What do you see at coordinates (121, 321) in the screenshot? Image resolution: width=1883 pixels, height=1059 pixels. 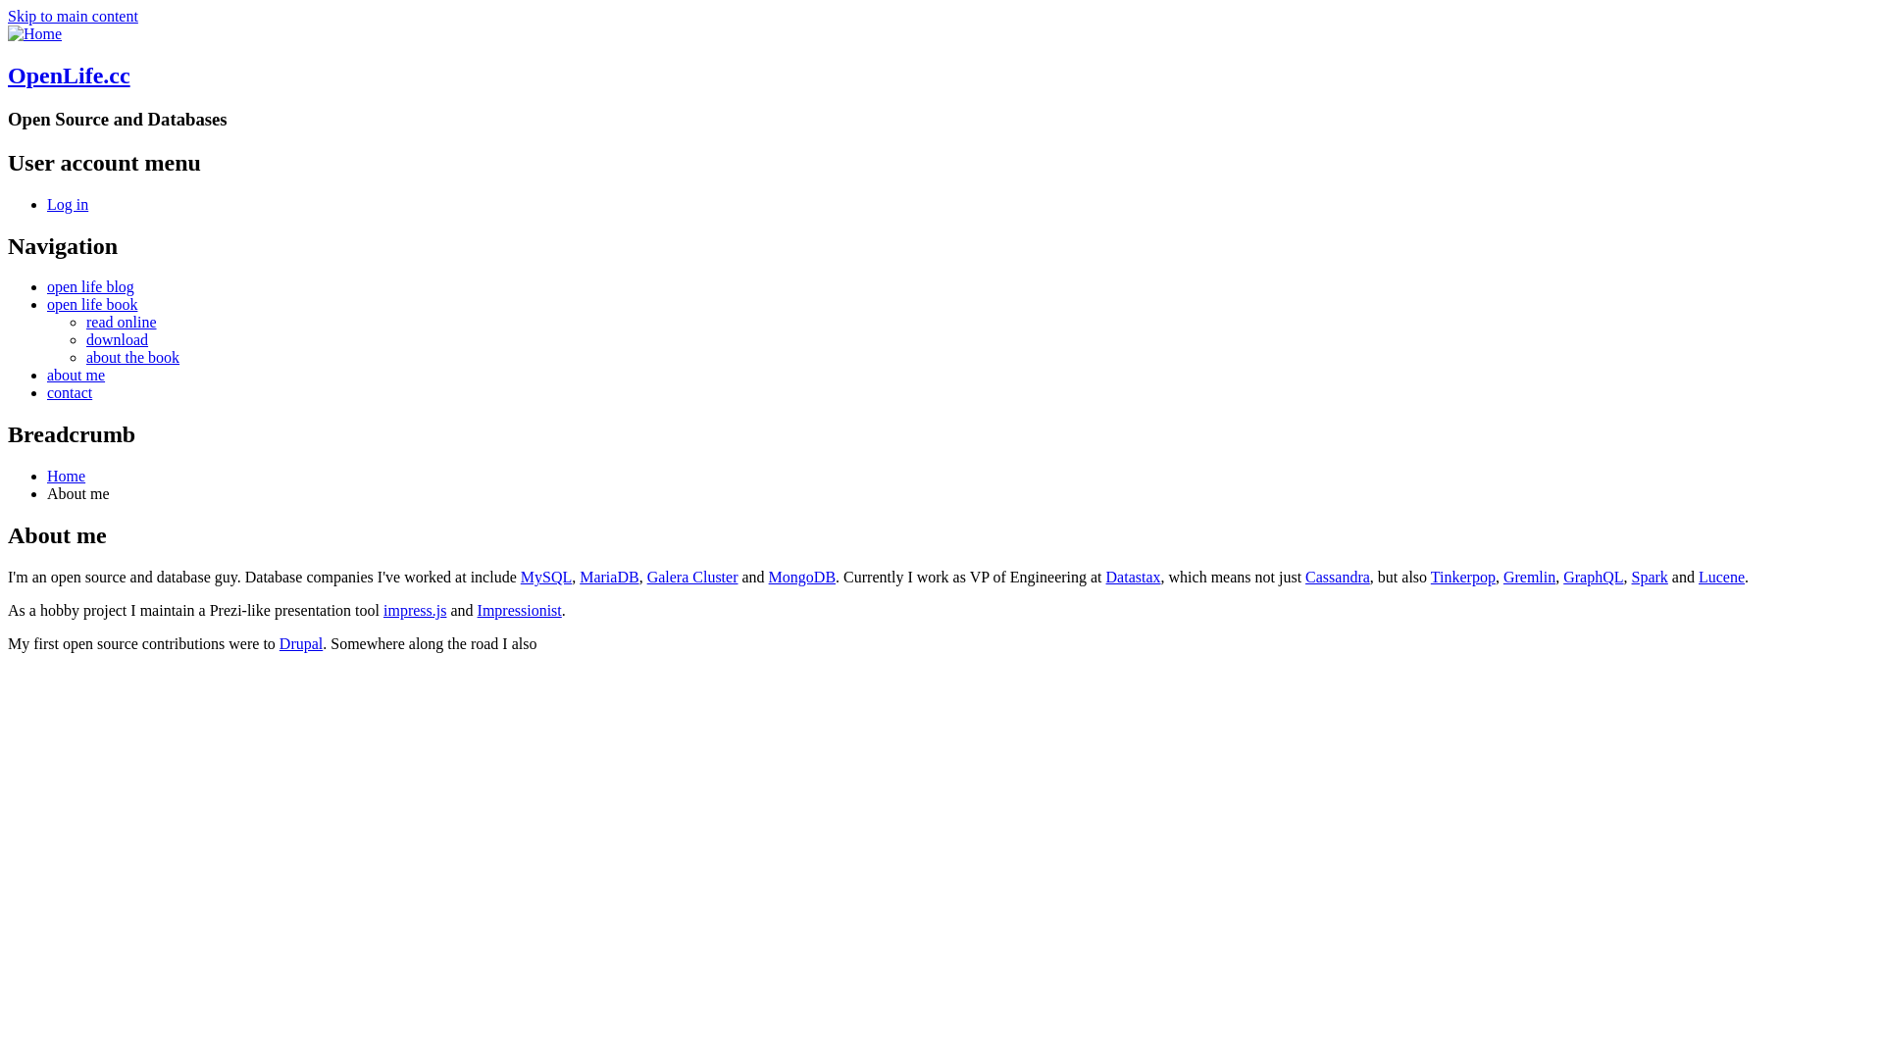 I see `'read online'` at bounding box center [121, 321].